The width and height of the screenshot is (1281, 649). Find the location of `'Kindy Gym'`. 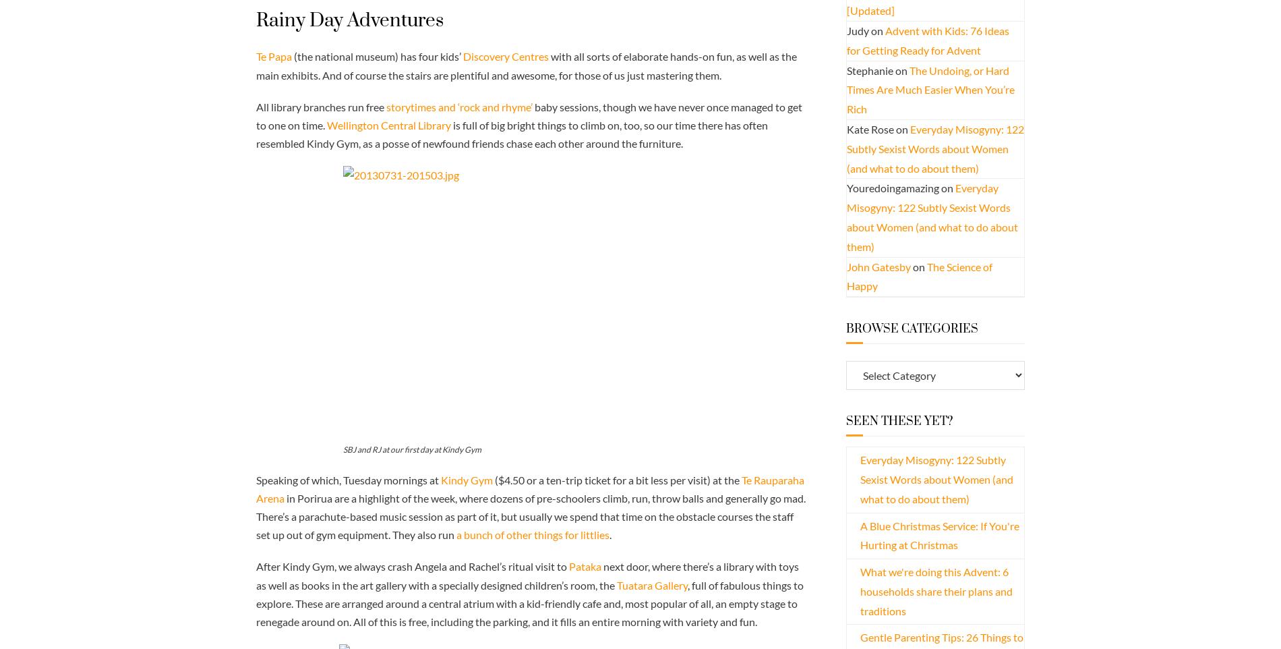

'Kindy Gym' is located at coordinates (467, 478).